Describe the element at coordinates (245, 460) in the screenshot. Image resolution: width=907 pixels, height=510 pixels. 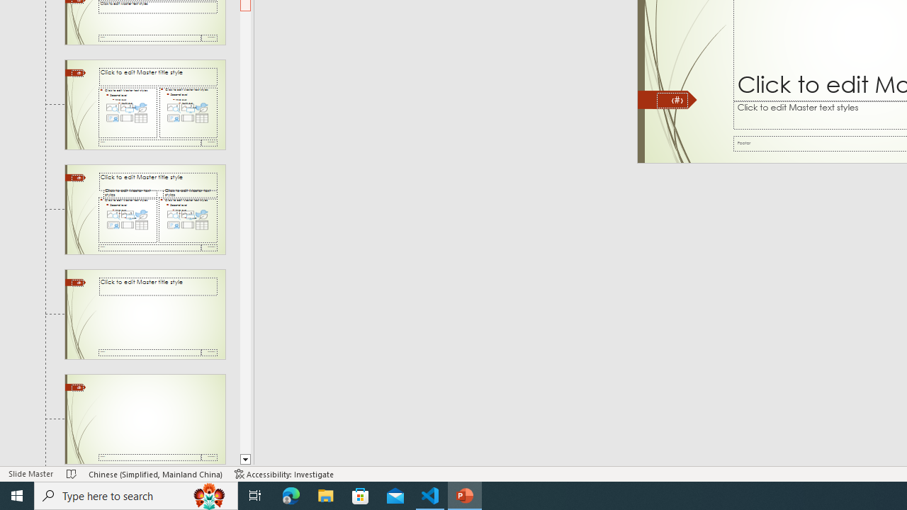
I see `'Line down'` at that location.